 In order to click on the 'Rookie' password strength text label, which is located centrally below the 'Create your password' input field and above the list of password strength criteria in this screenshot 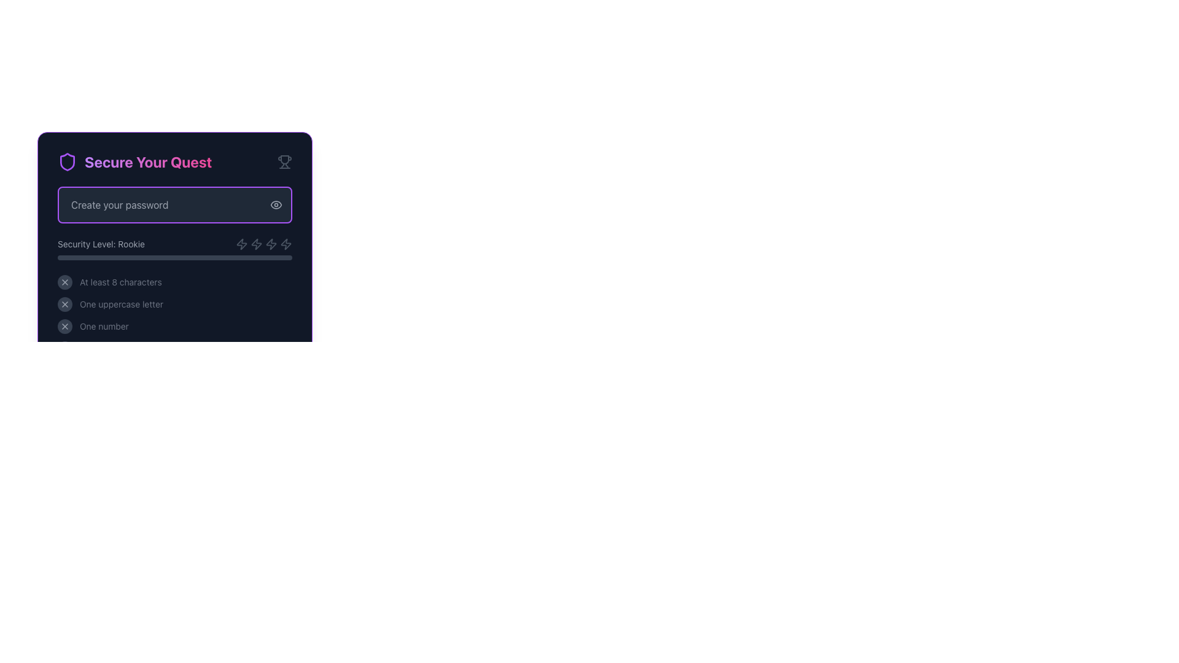, I will do `click(174, 249)`.